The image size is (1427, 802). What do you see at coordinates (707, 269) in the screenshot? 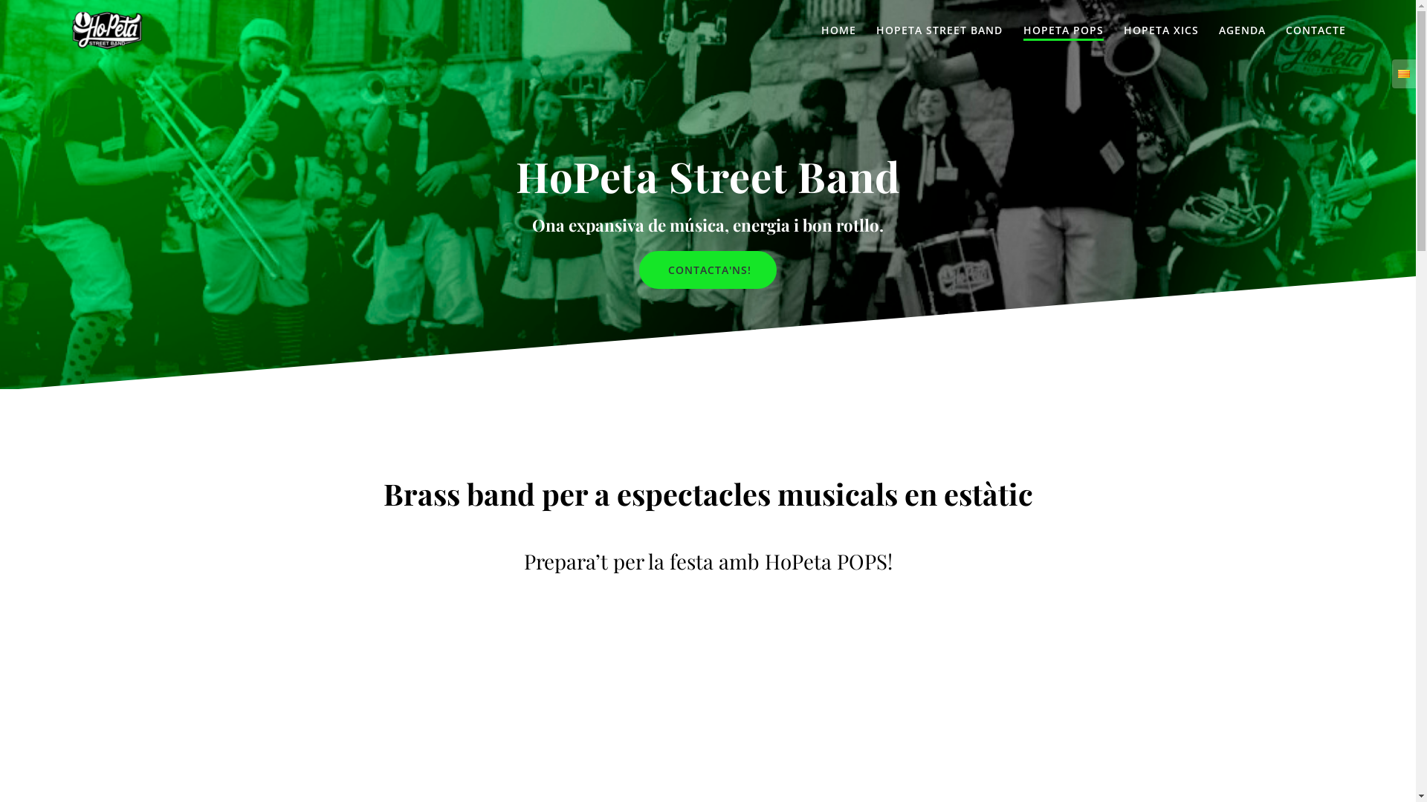
I see `'CONTACTA'NS!'` at bounding box center [707, 269].